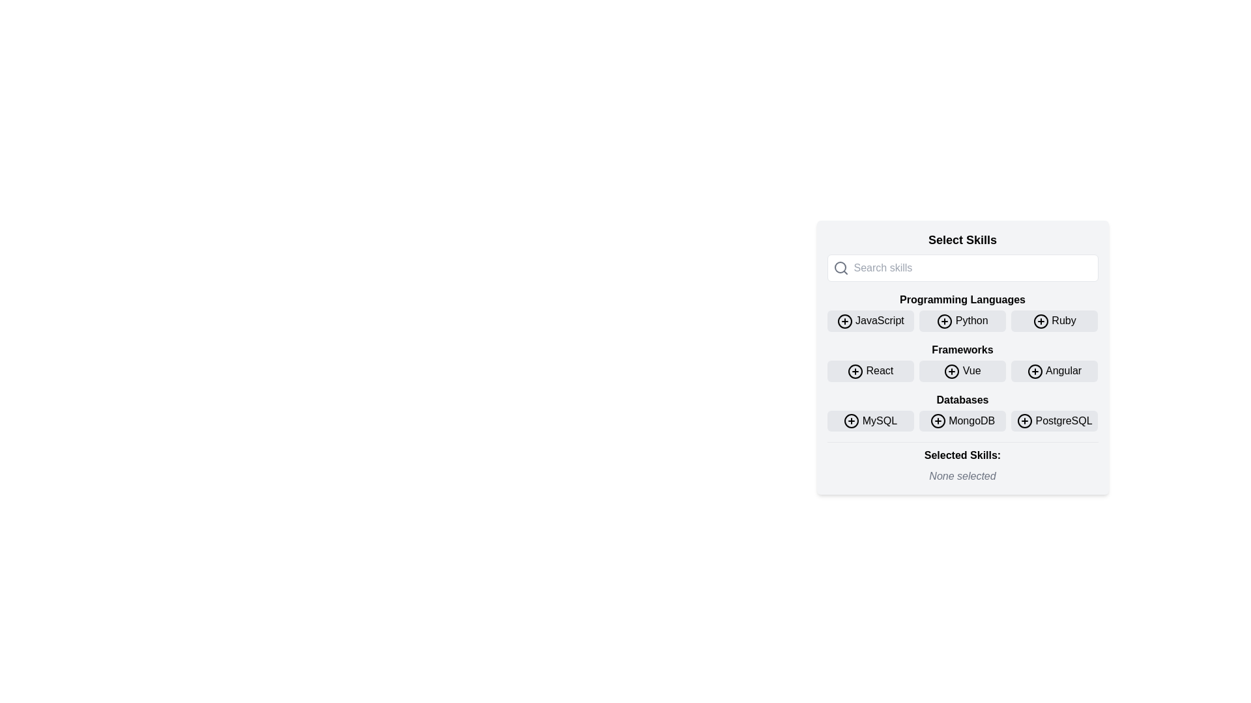  I want to click on the addition icon located within the 'Vue' button in the 'Frameworks' section of the 'Select Skills' card, so click(952, 371).